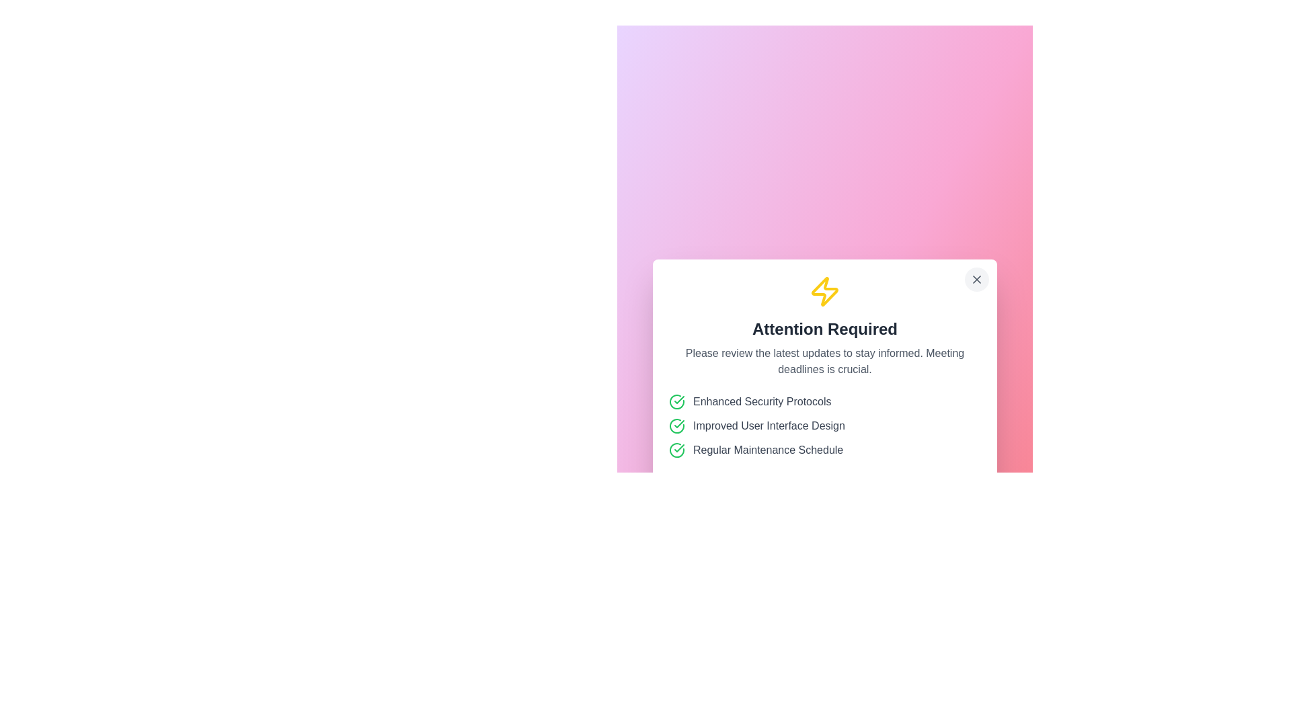 This screenshot has height=726, width=1291. Describe the element at coordinates (977, 279) in the screenshot. I see `the close button located at the top-right corner of the modal dialog with a shadowed white background` at that location.